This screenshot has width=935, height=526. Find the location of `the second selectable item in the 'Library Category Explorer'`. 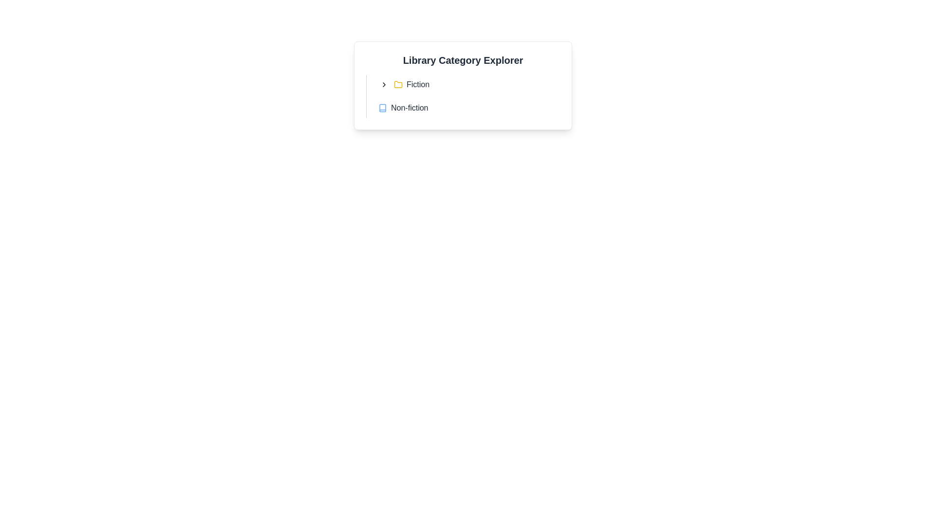

the second selectable item in the 'Library Category Explorer' is located at coordinates (462, 96).